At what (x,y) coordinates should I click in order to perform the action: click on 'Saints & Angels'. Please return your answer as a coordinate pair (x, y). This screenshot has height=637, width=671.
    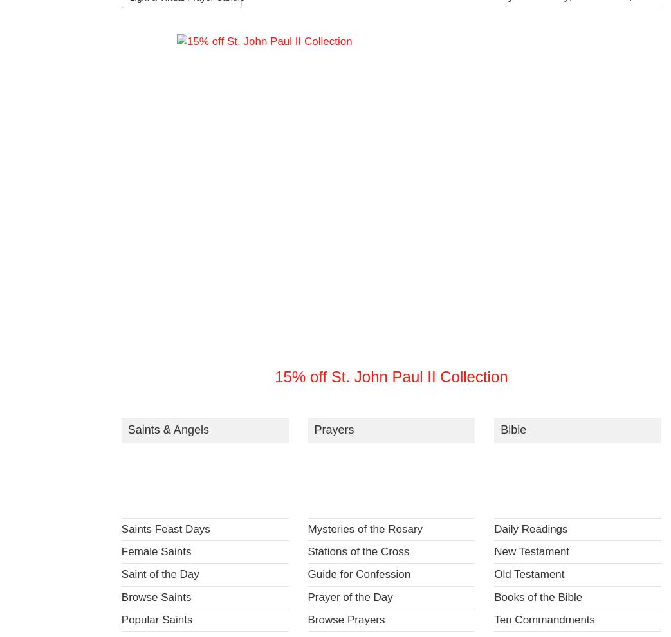
    Looking at the image, I should click on (167, 429).